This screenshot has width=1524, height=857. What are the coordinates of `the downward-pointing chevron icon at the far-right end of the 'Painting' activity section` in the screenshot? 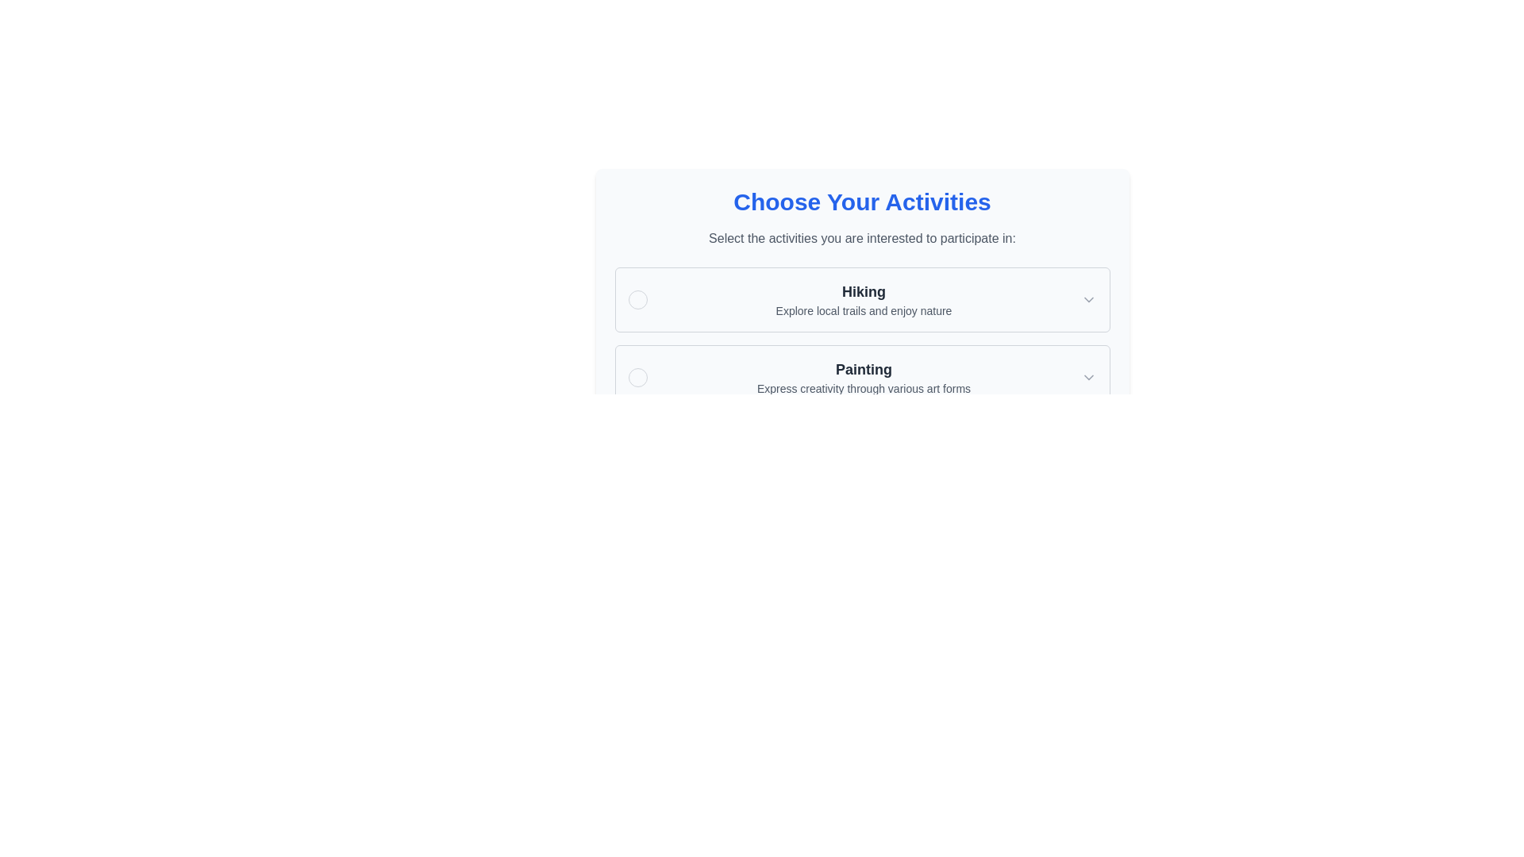 It's located at (1087, 377).